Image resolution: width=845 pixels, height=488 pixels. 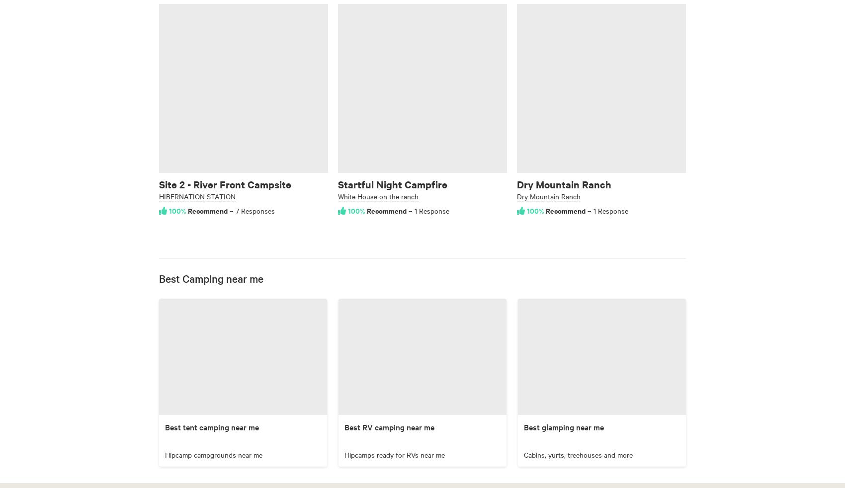 What do you see at coordinates (212, 426) in the screenshot?
I see `'Best tent camping near me'` at bounding box center [212, 426].